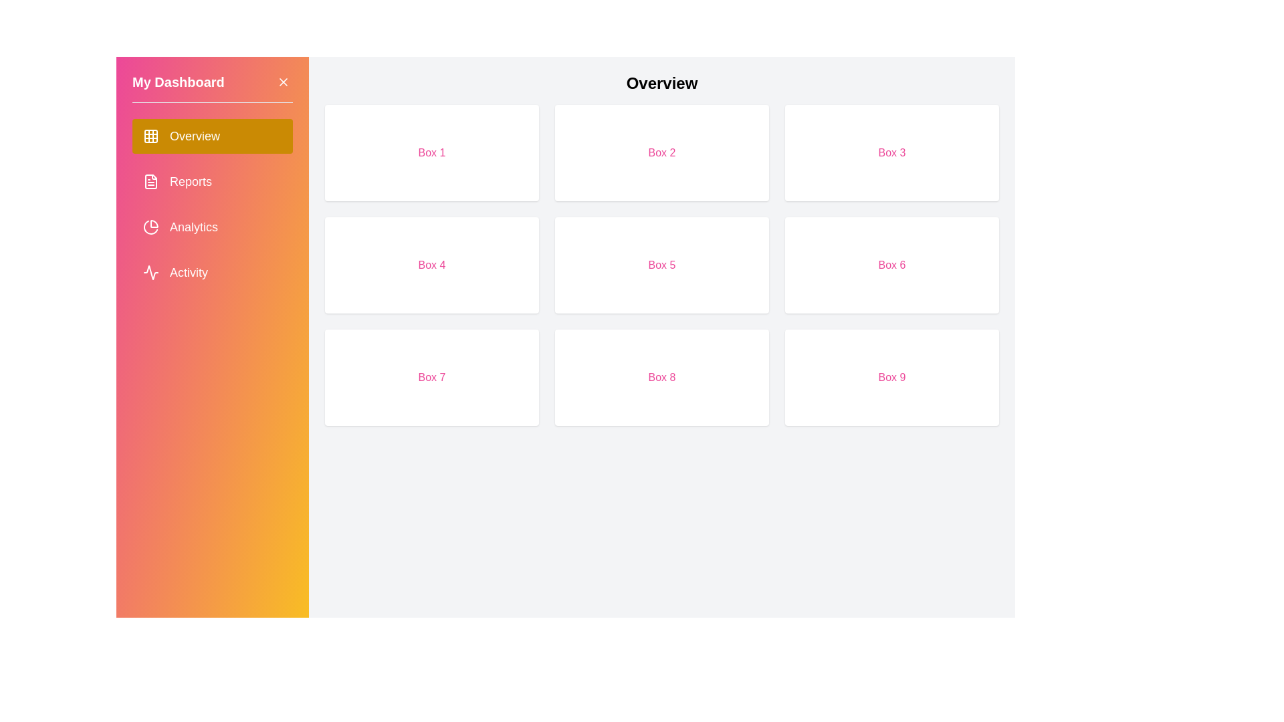 Image resolution: width=1284 pixels, height=722 pixels. I want to click on the sidebar item Overview to observe its visual change, so click(211, 136).